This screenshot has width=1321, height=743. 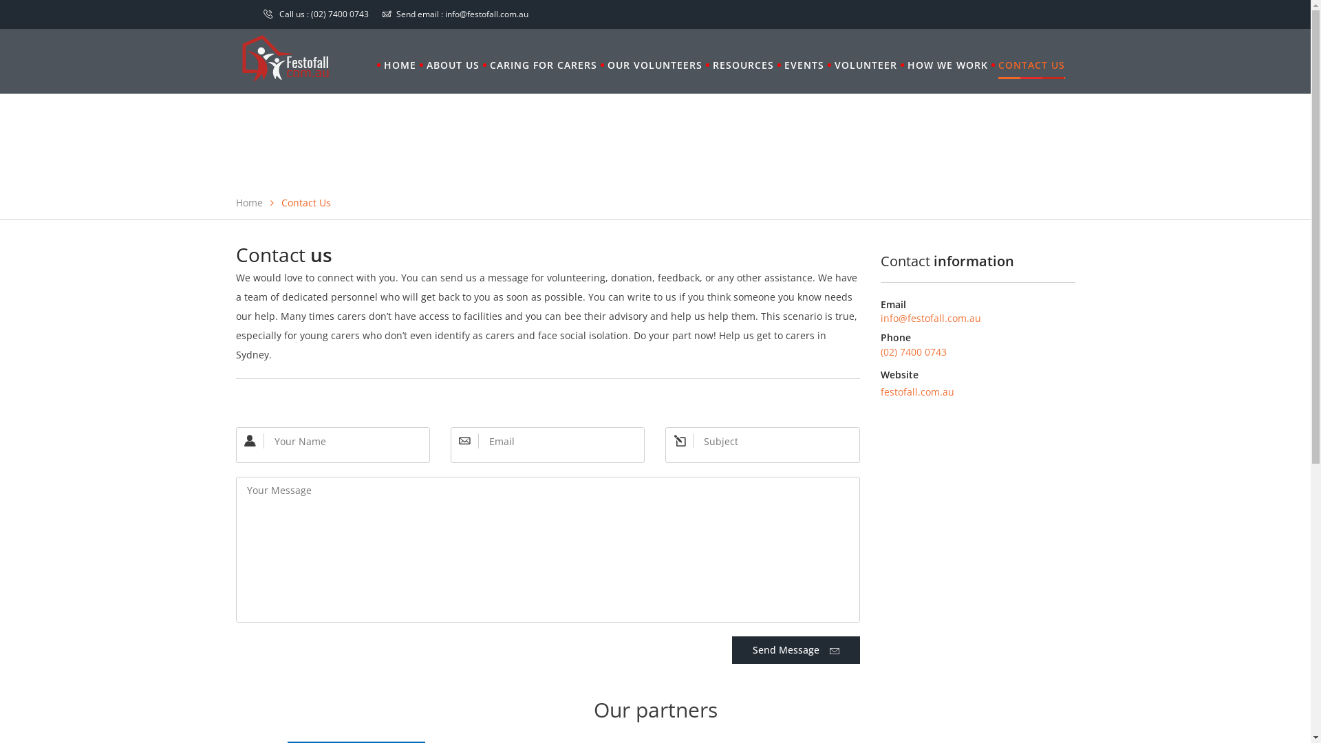 I want to click on 'OUR VOLUNTEERS', so click(x=653, y=65).